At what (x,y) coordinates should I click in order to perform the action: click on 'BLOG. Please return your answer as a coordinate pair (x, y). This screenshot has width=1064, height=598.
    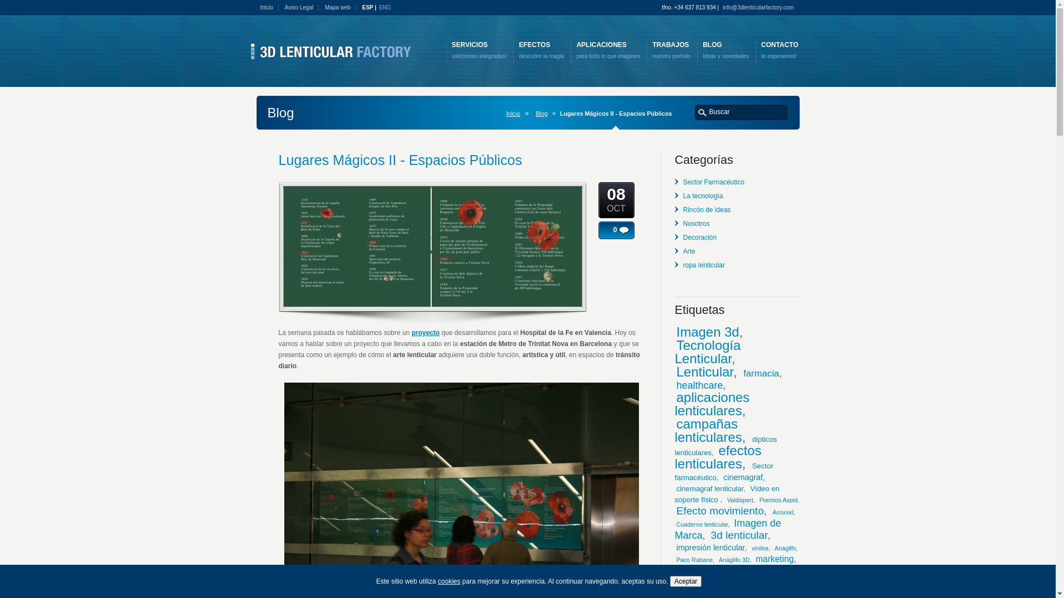
    Looking at the image, I should click on (725, 50).